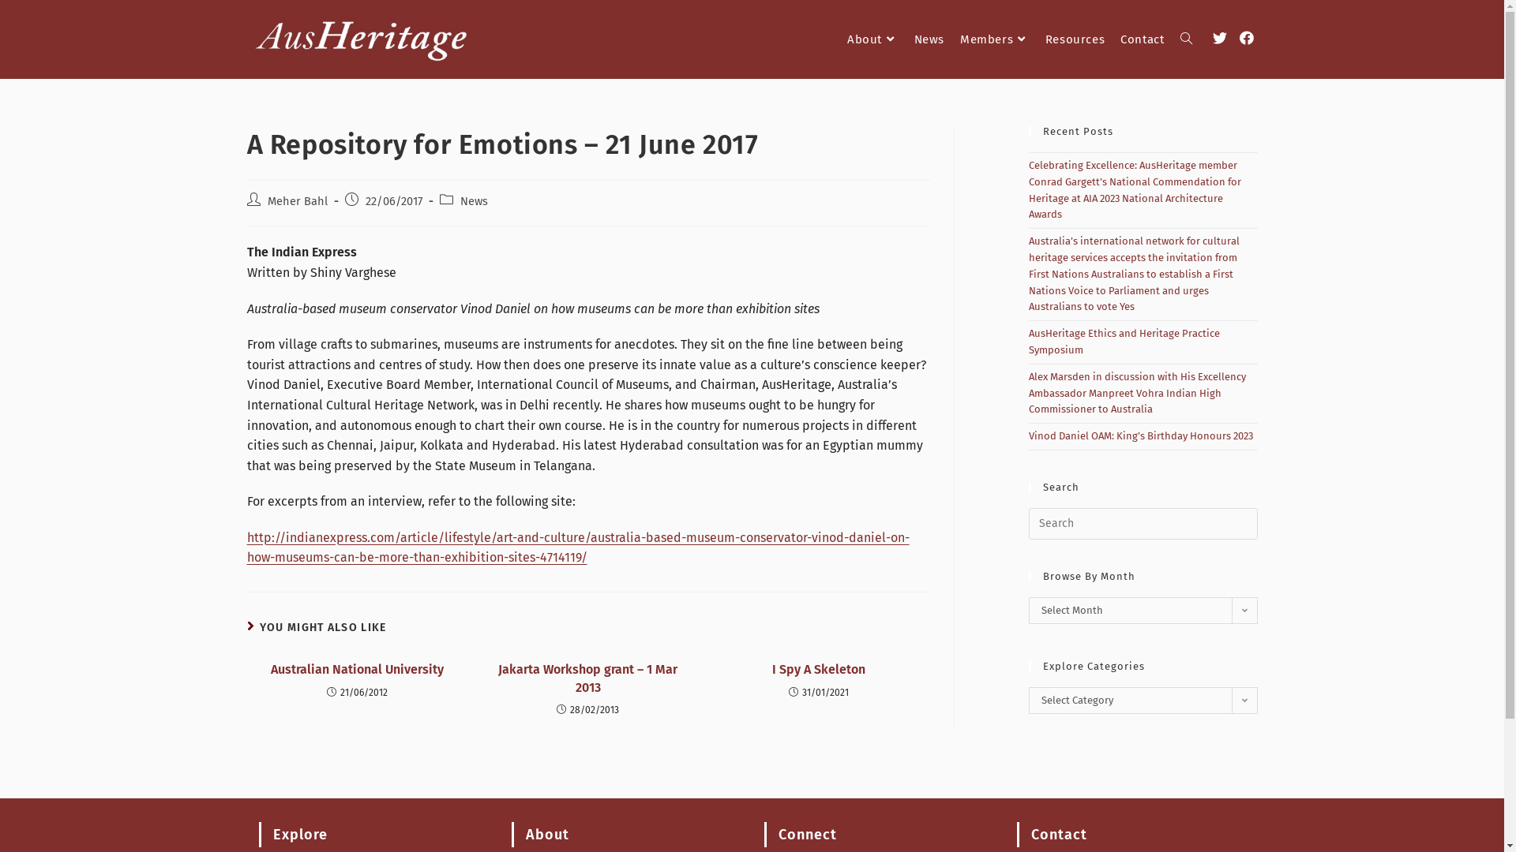  What do you see at coordinates (993, 39) in the screenshot?
I see `'Members'` at bounding box center [993, 39].